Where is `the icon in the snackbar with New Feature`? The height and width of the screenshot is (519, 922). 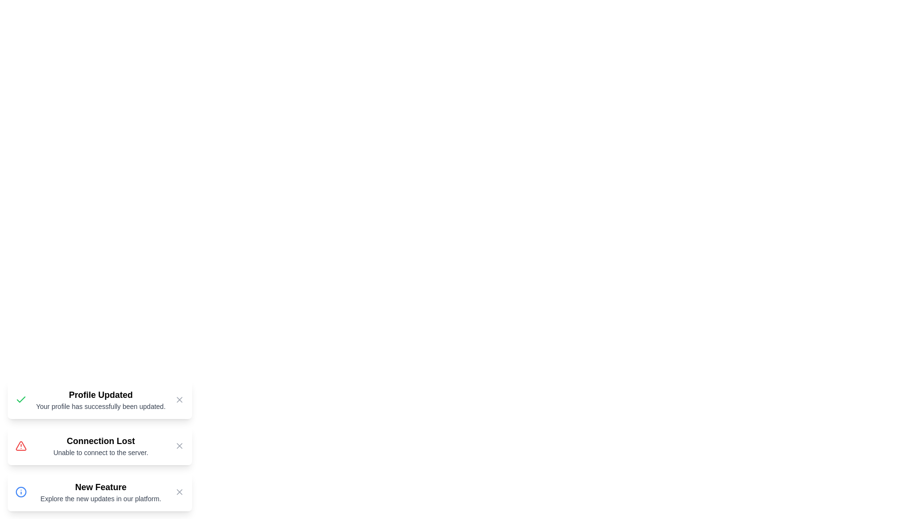 the icon in the snackbar with New Feature is located at coordinates (21, 492).